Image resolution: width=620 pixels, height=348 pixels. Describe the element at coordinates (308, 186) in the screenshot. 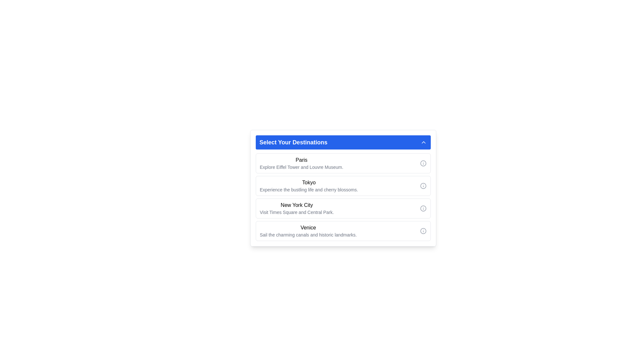

I see `the text block displaying 'Tokyo' with the description 'Experience the bustling life and cherry blossoms.' in the 'Select Your Destinations' menu` at that location.